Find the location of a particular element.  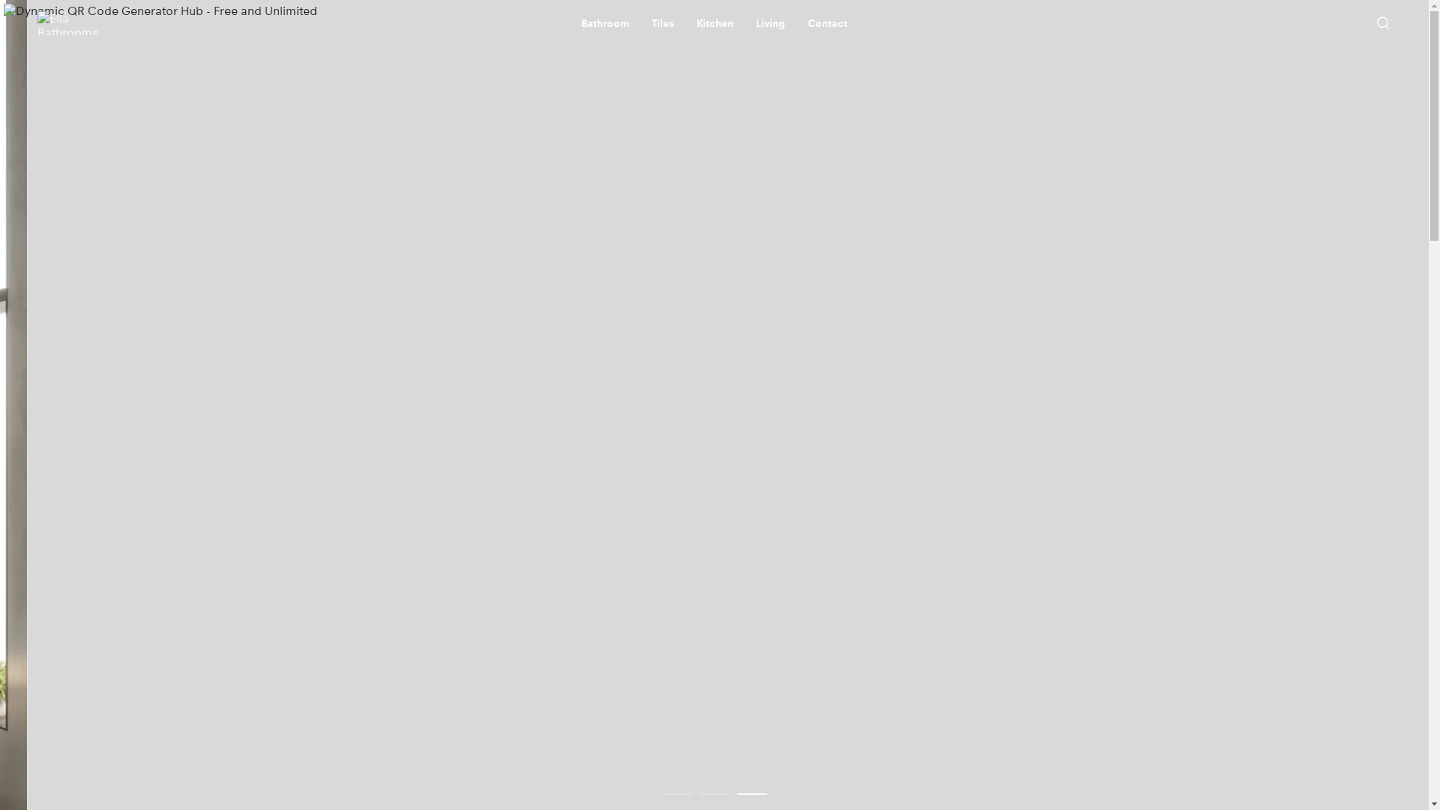

'Contact' is located at coordinates (826, 22).